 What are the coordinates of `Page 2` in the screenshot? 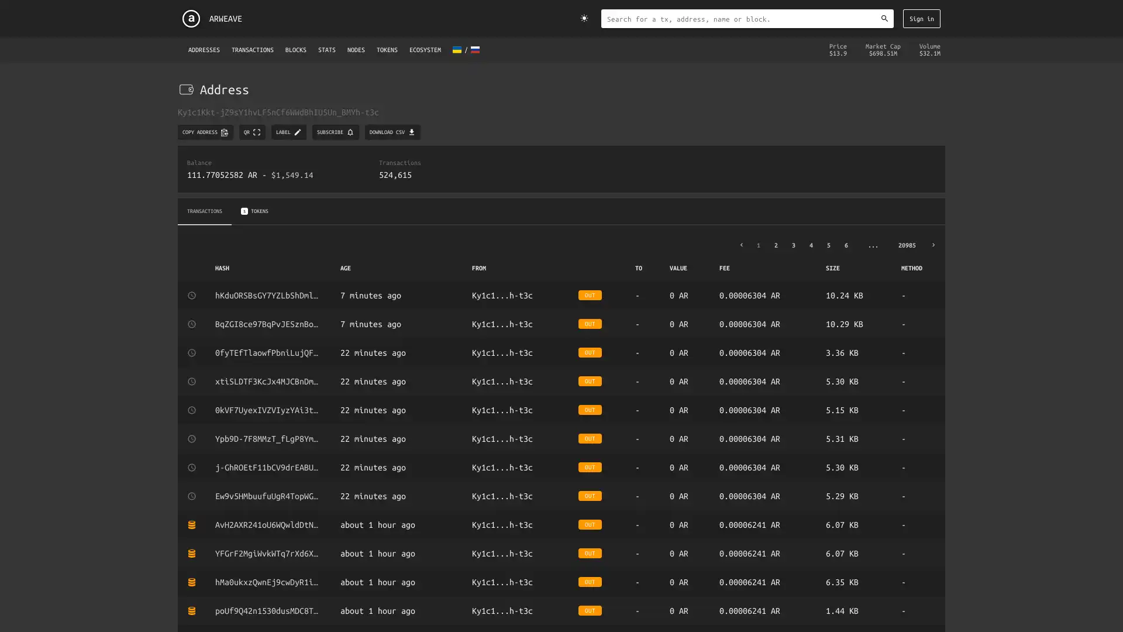 It's located at (775, 243).